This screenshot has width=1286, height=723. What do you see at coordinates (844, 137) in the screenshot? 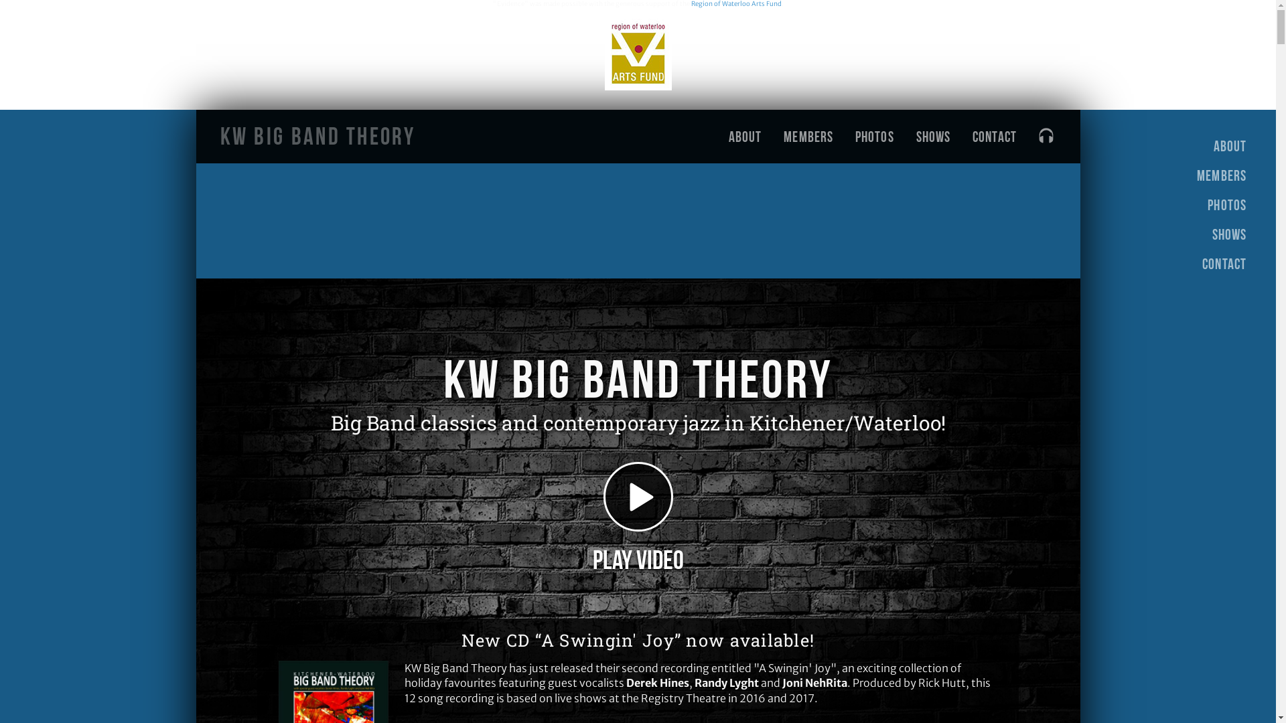
I see `'PHOTOS'` at bounding box center [844, 137].